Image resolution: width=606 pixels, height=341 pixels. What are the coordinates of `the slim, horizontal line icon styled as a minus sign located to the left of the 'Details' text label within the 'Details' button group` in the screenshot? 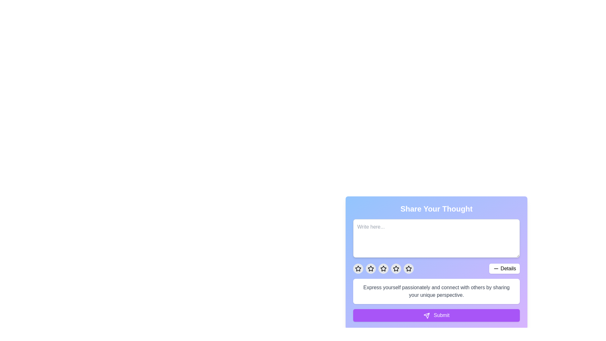 It's located at (496, 269).